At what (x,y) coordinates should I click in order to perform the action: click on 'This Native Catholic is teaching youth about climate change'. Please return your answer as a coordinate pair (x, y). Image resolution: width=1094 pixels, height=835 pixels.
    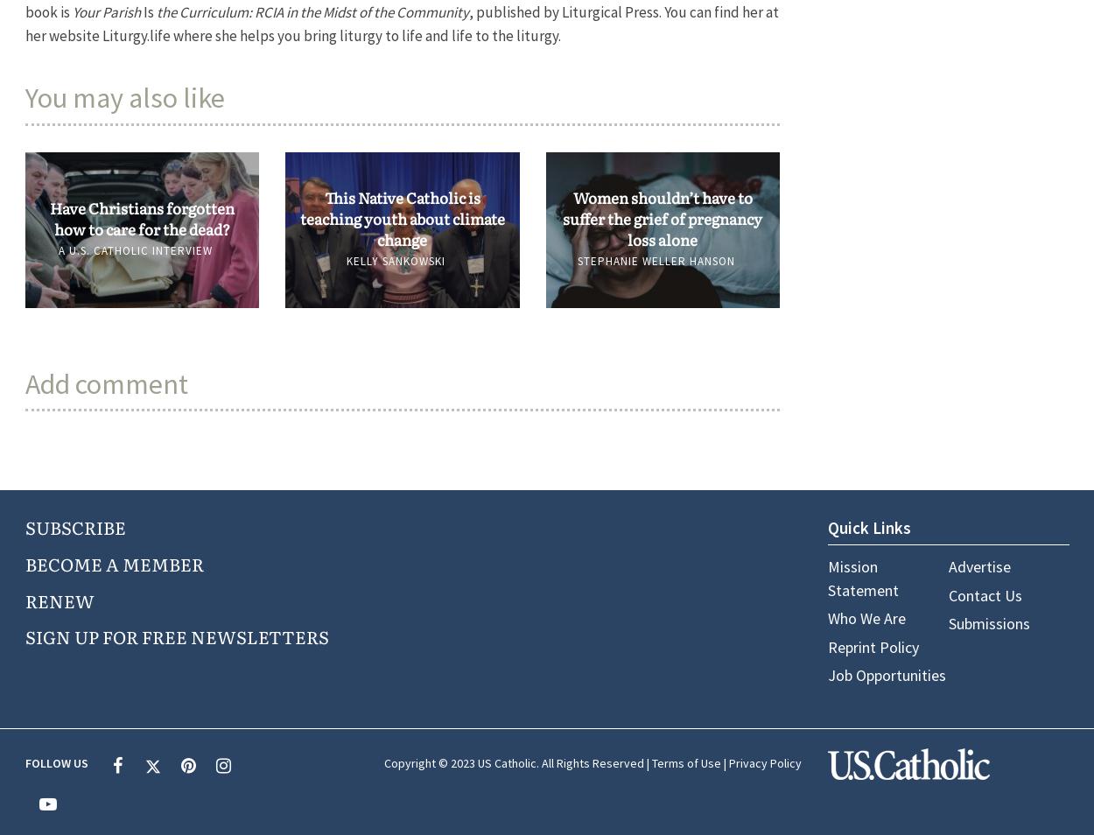
    Looking at the image, I should click on (401, 217).